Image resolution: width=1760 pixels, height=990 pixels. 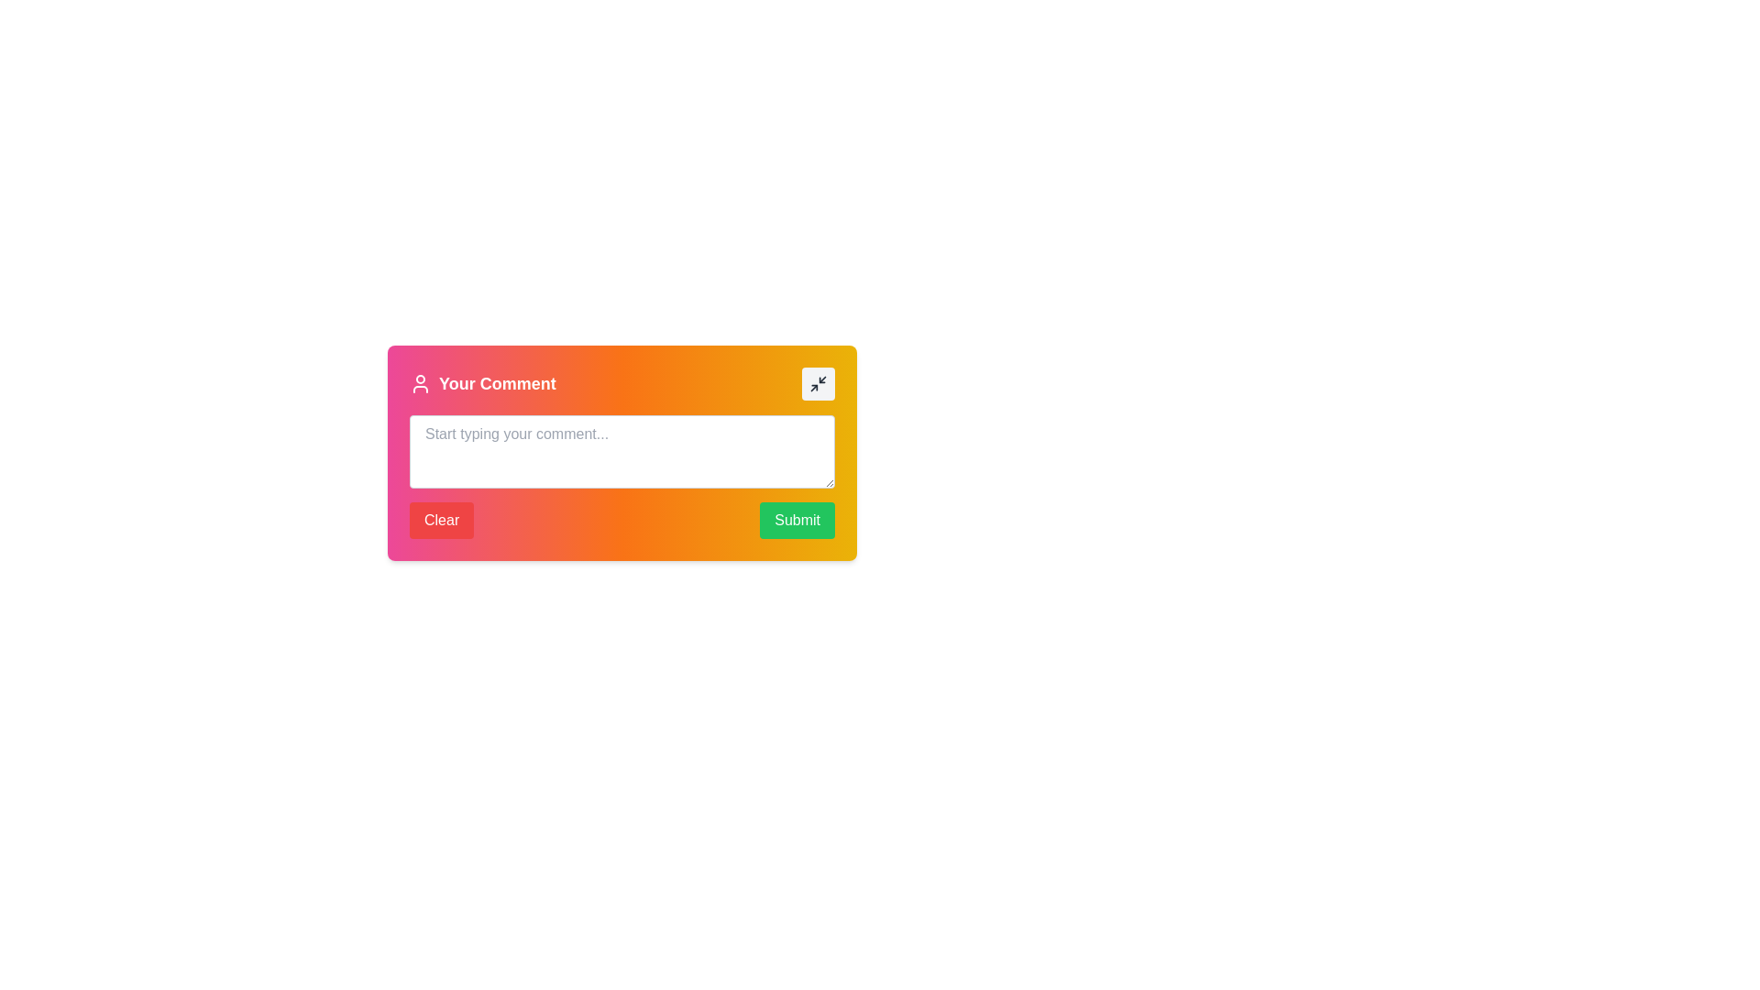 What do you see at coordinates (420, 383) in the screenshot?
I see `the user icon, which is a line-drawn figure of a person with a circular head and shoulders, located to the left of the label text 'Your Comment'` at bounding box center [420, 383].